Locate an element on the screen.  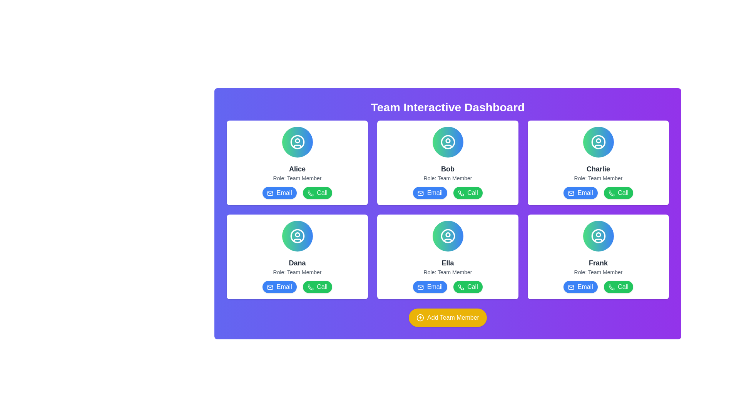
the Circular Badge located at the upper area of Charlie's profile avatar in the middle-right card of the dashboard grid is located at coordinates (598, 141).